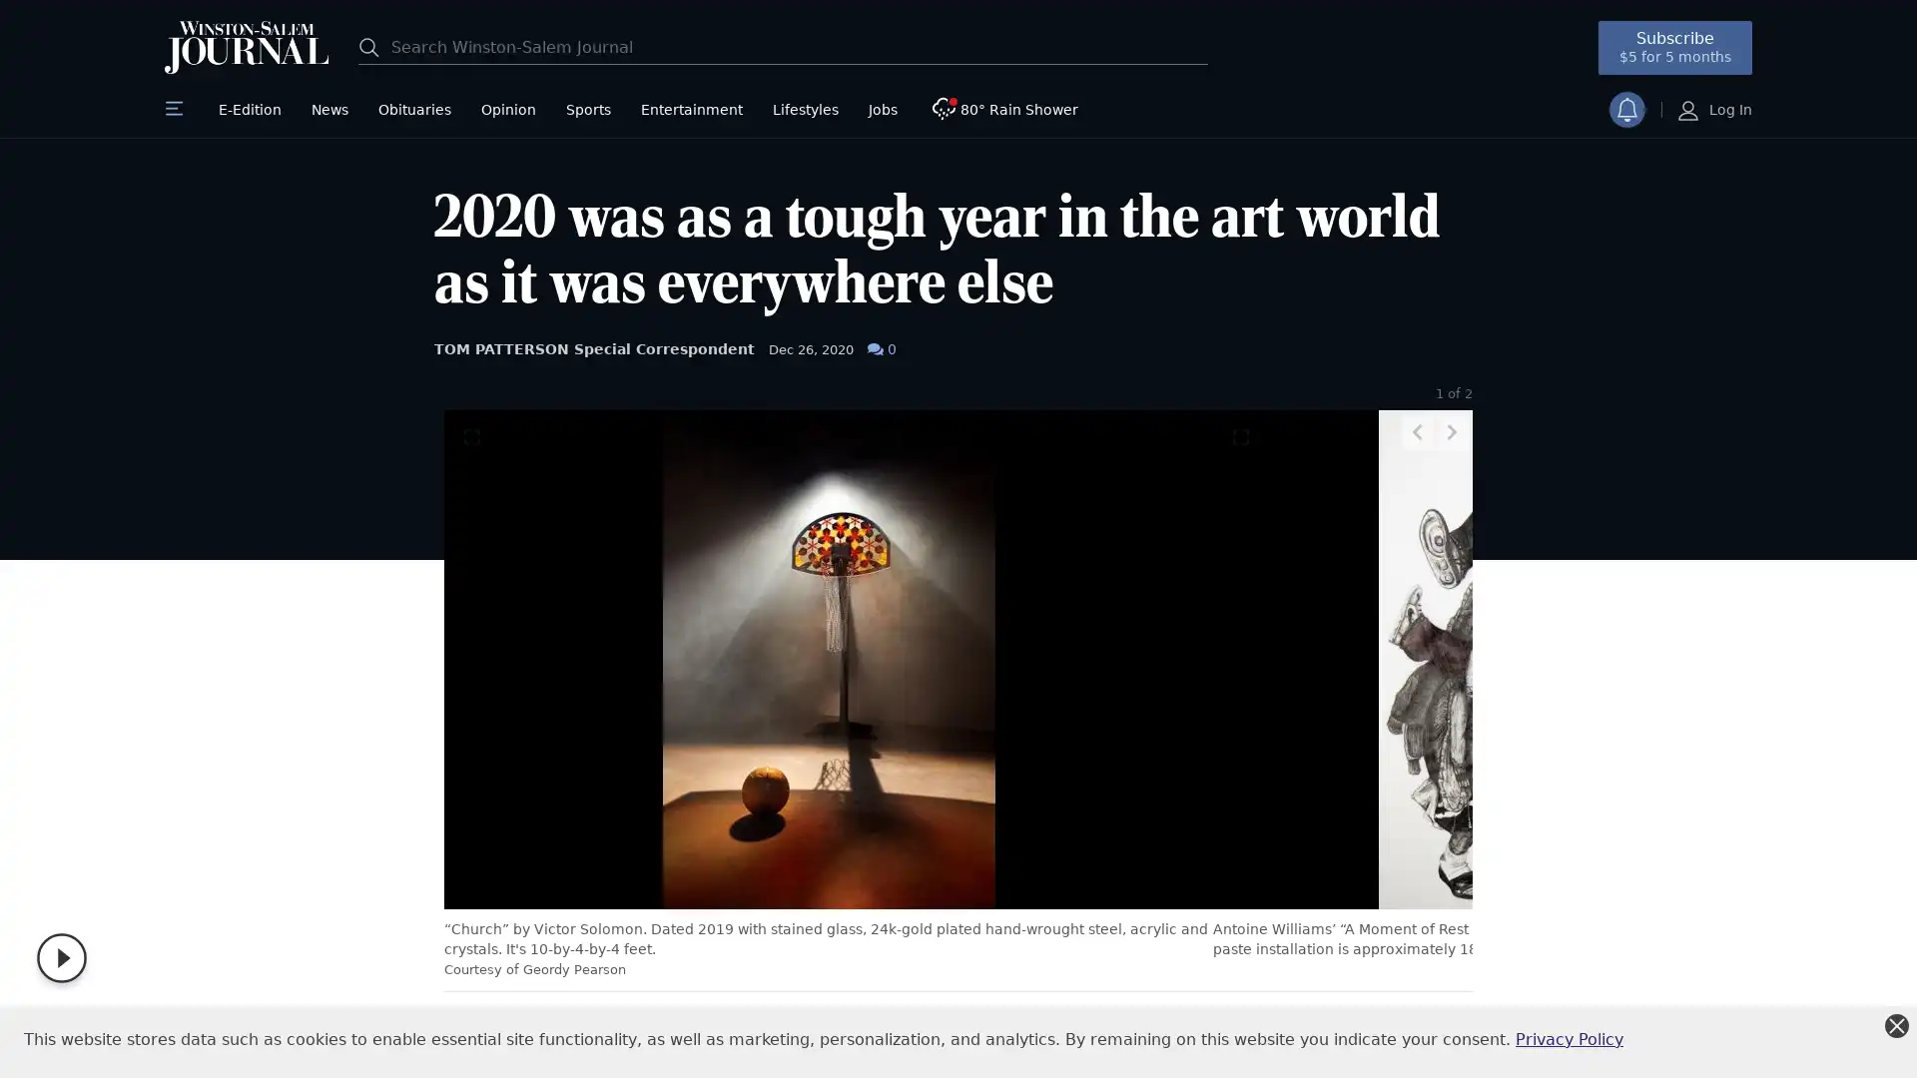 The image size is (1917, 1078). I want to click on Copy article link to clipboard Copy article link, so click(694, 1032).